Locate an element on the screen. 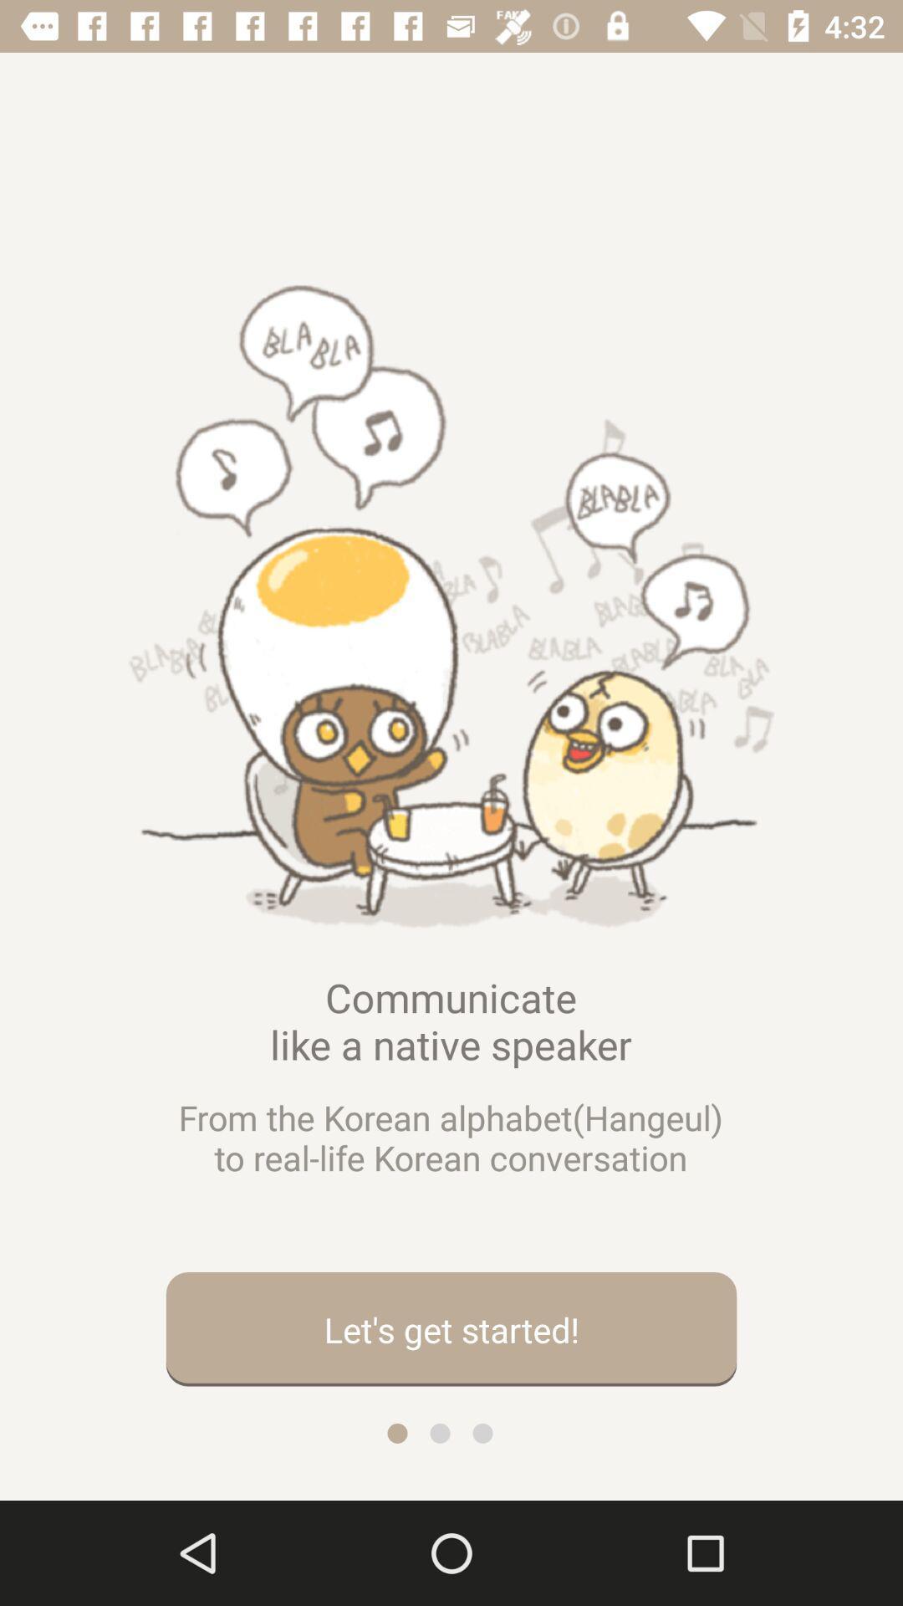 The image size is (903, 1606). icon below the from the korean app is located at coordinates (451, 1328).